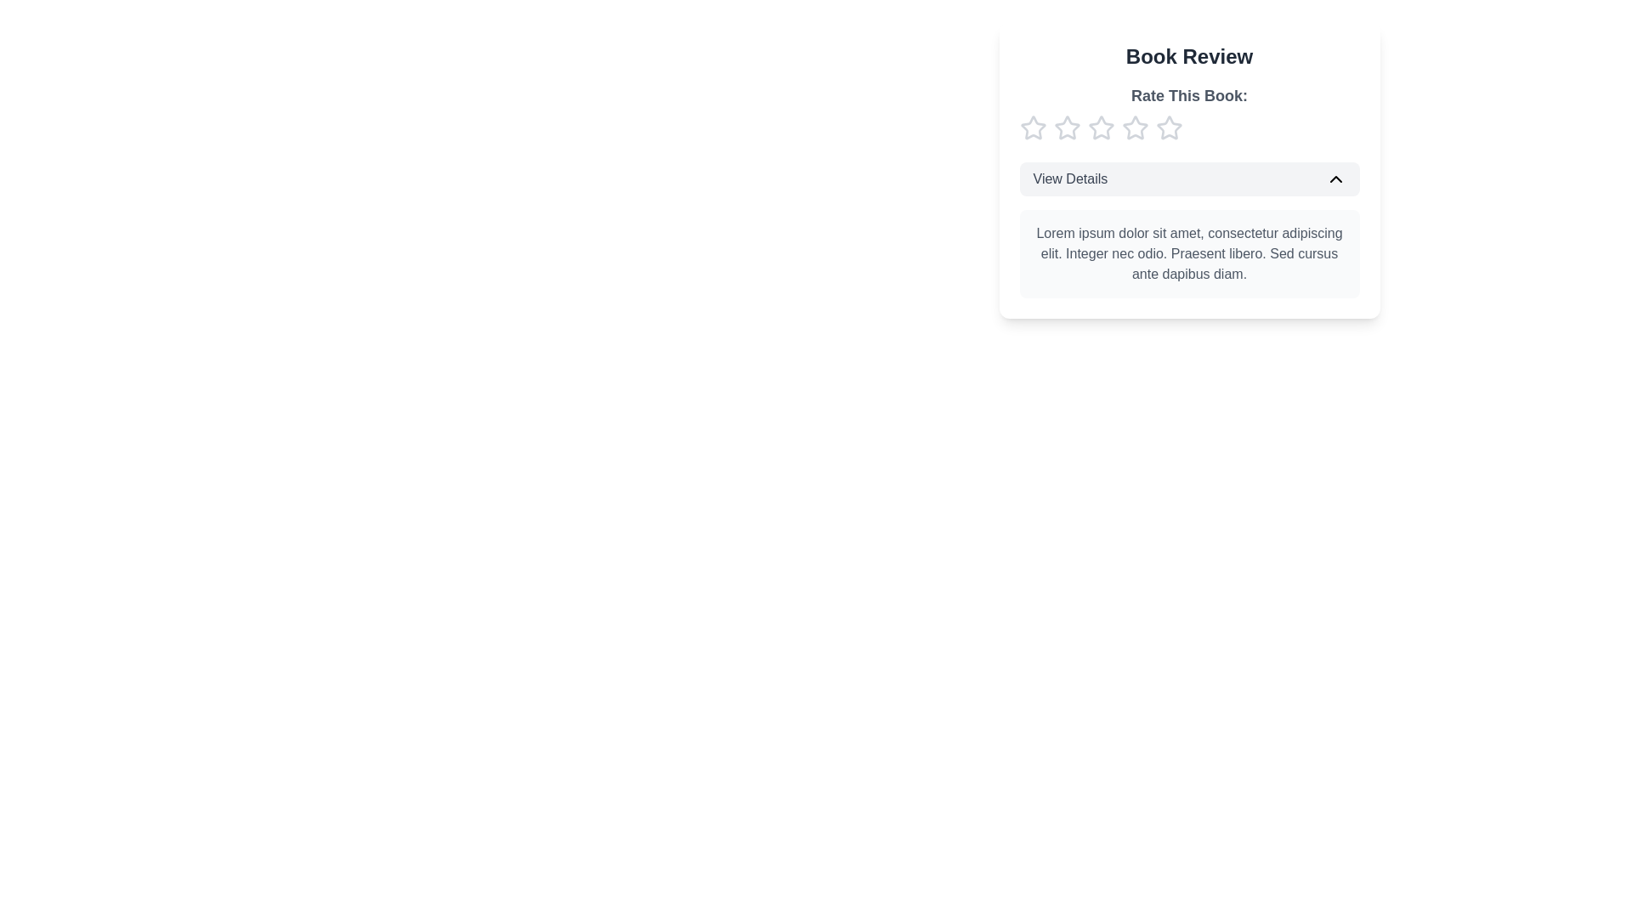  Describe the element at coordinates (1032, 127) in the screenshot. I see `the first star icon in the rating system below the text 'Rate This Book:' inside the 'Book Review' card to rate it` at that location.